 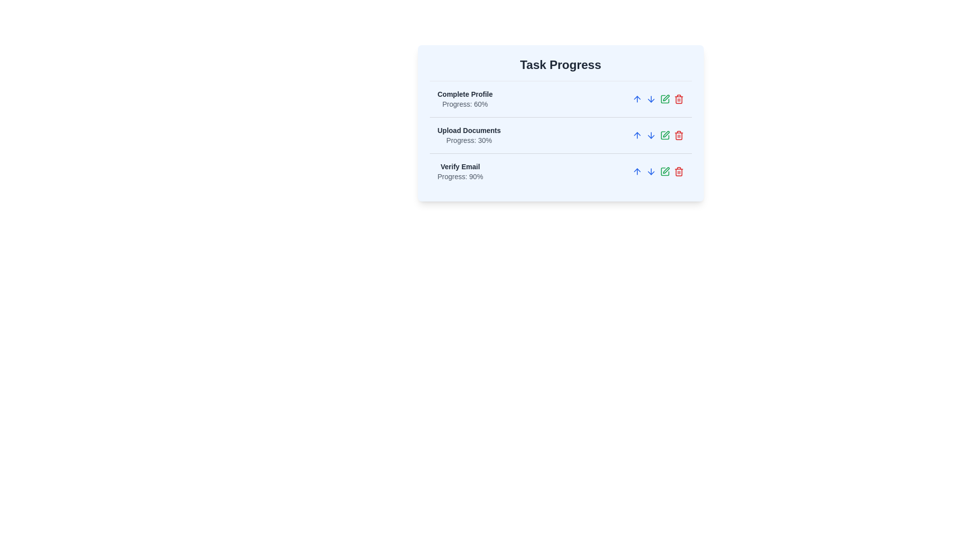 I want to click on the Edit icon button, which is the third interactive control in the action panel, located between the blue up and down arrows and the red delete icon, to initiate an editing action, so click(x=665, y=99).